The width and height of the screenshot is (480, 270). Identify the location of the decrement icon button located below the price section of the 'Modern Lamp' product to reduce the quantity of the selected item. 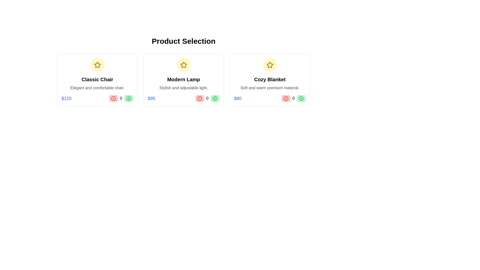
(199, 98).